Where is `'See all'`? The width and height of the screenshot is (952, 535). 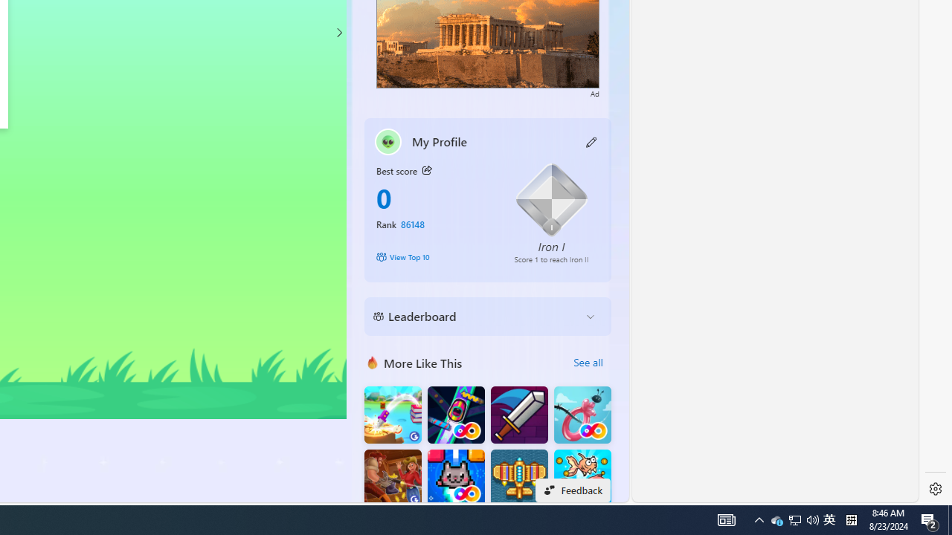
'See all' is located at coordinates (588, 363).